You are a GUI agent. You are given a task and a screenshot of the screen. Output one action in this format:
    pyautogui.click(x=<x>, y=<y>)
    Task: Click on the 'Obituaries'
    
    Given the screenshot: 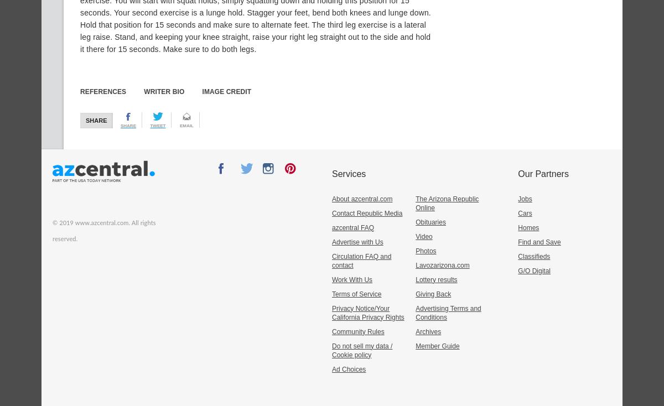 What is the action you would take?
    pyautogui.click(x=429, y=221)
    